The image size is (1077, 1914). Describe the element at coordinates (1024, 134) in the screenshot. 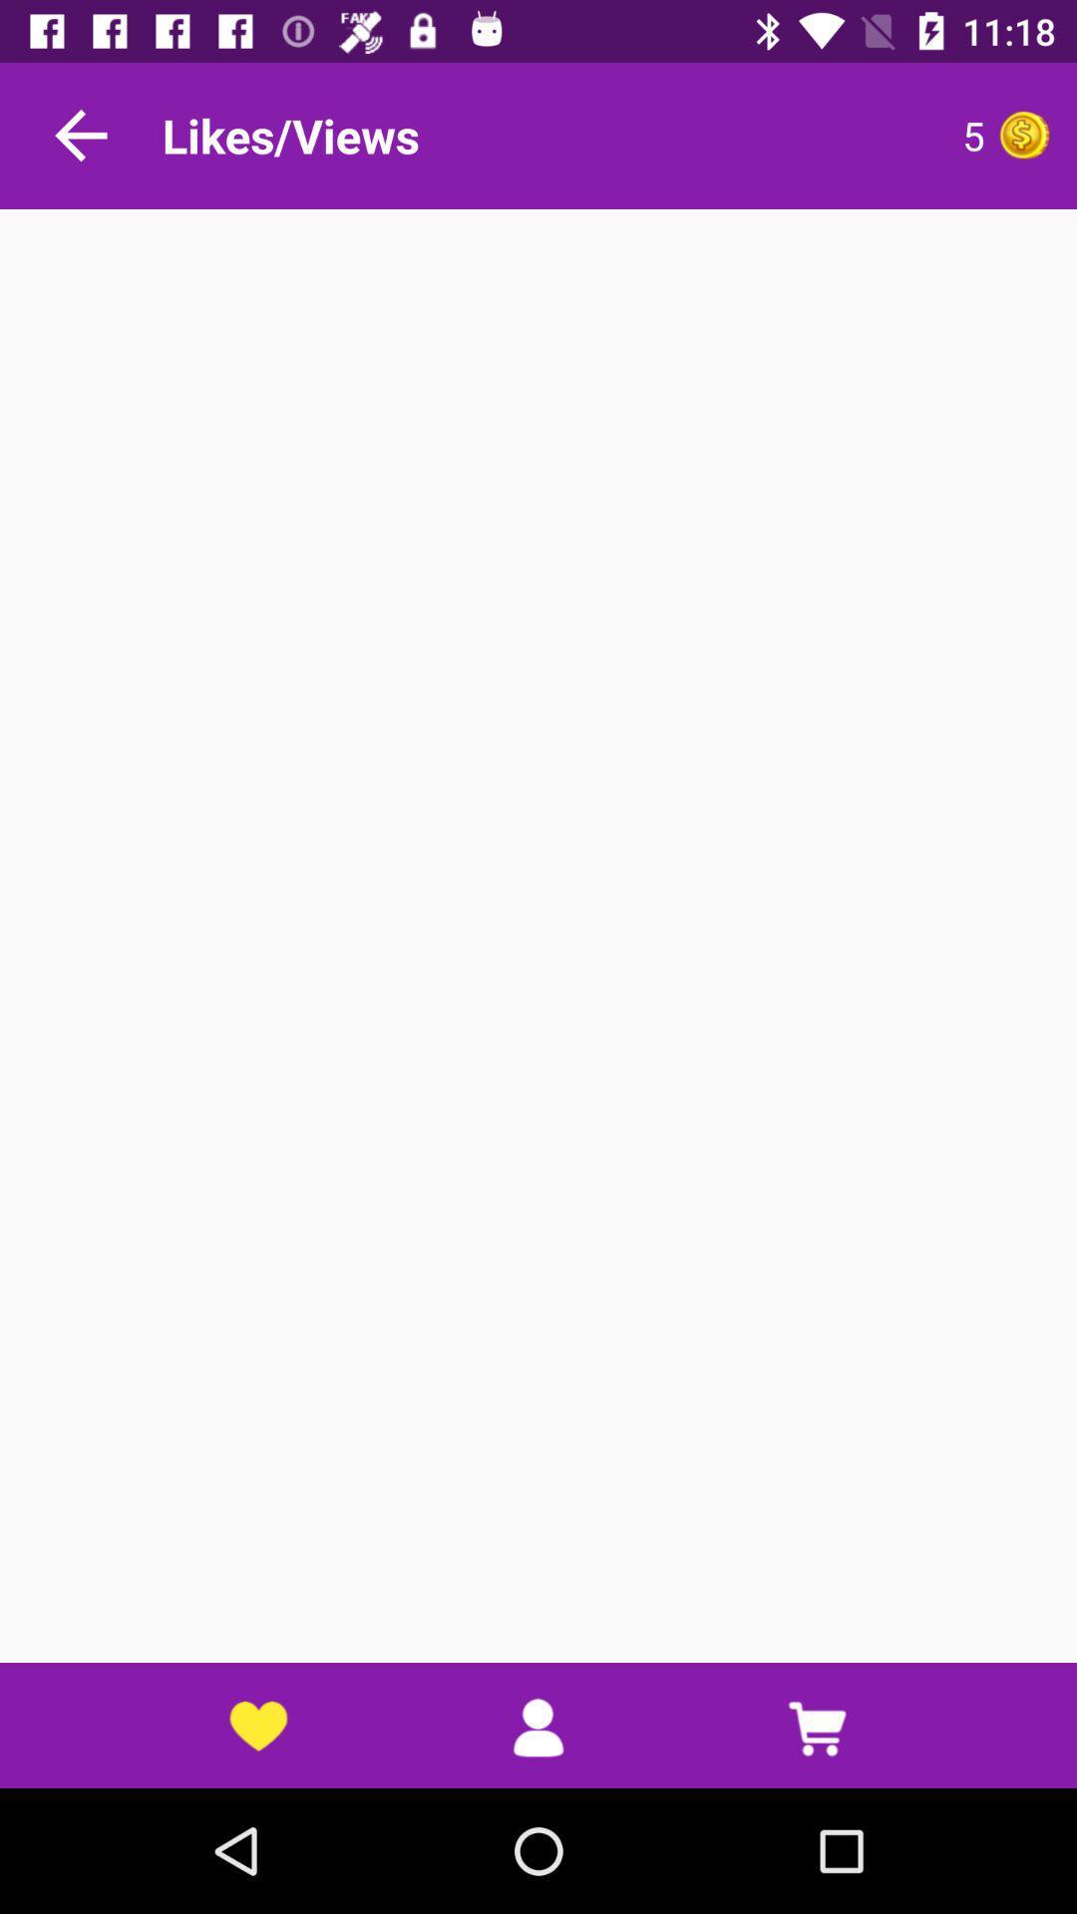

I see `like` at that location.